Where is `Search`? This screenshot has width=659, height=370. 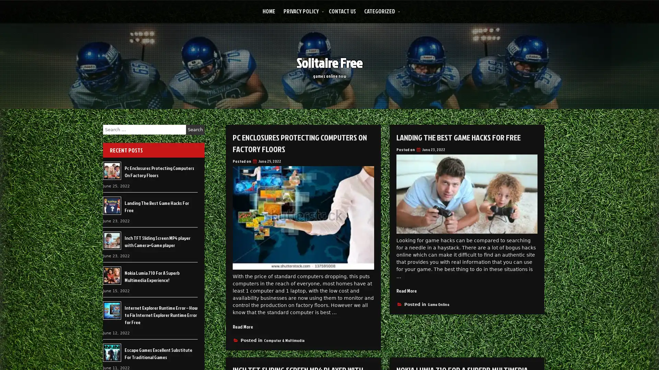
Search is located at coordinates (195, 129).